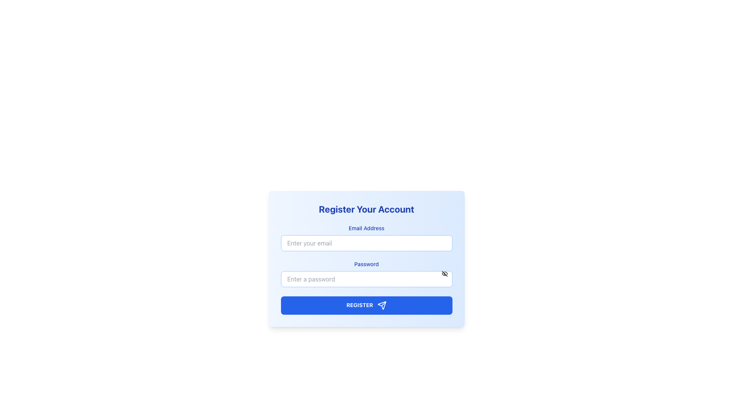 The width and height of the screenshot is (735, 413). I want to click on the button styled with an SVG icon resembling a crossed-out eye, so click(444, 273).